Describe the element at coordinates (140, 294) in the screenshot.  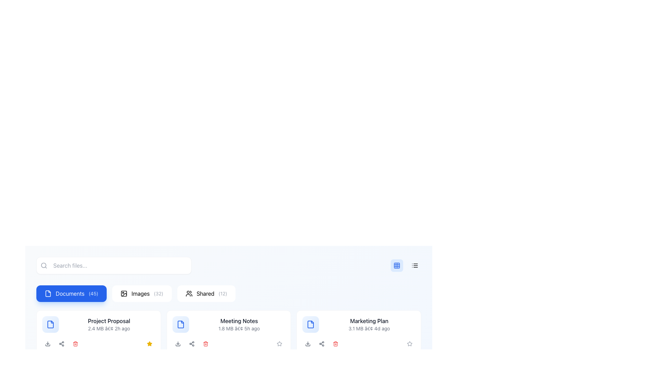
I see `the 'Images' static text label within the button that indicates a navigational category or filter option for items` at that location.